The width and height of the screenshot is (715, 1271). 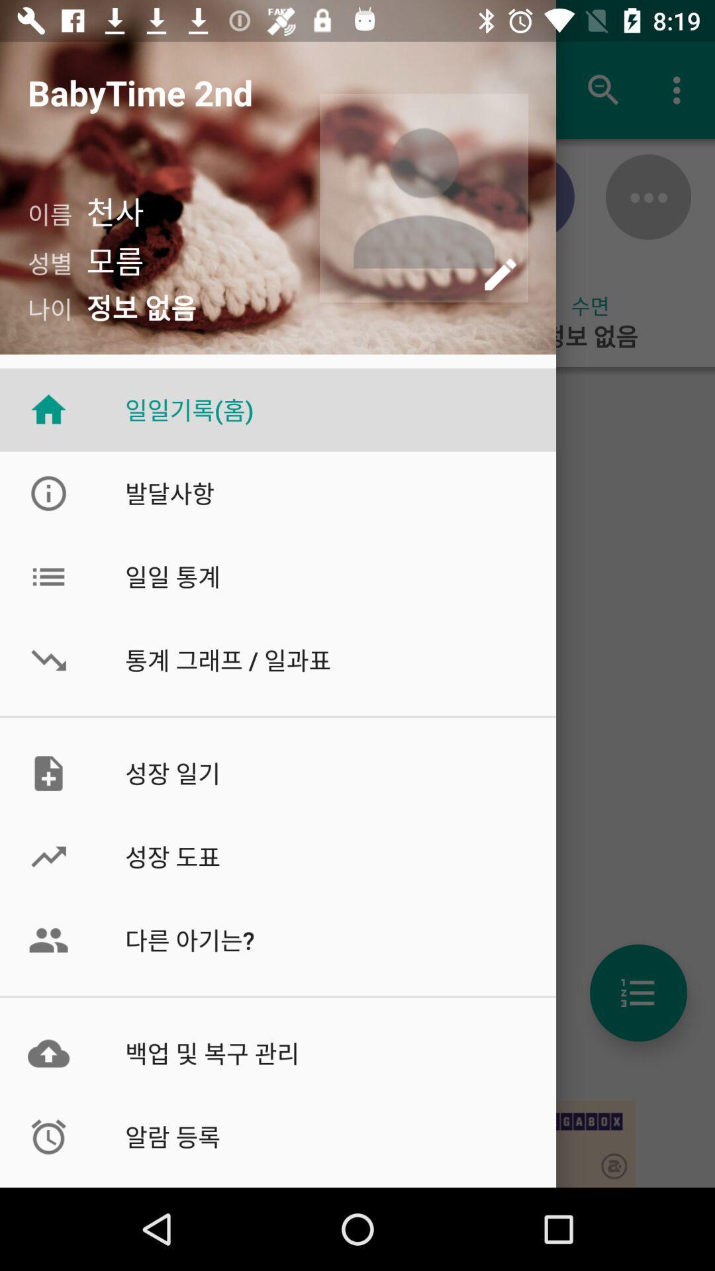 What do you see at coordinates (638, 992) in the screenshot?
I see `the list icon` at bounding box center [638, 992].